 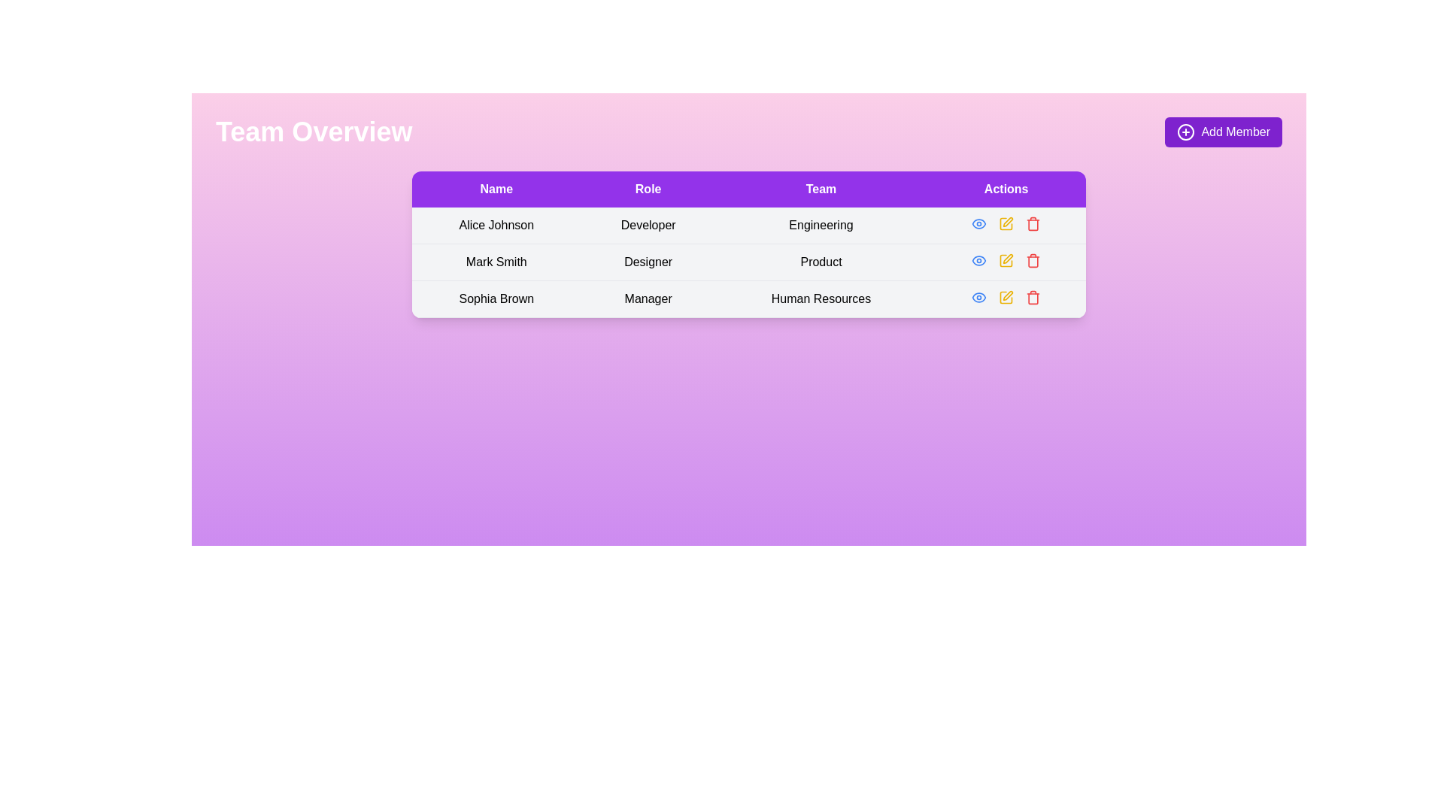 I want to click on the first table row displaying team member 'Alice Johnson', who is a Developer in the Engineering team, so click(x=749, y=226).